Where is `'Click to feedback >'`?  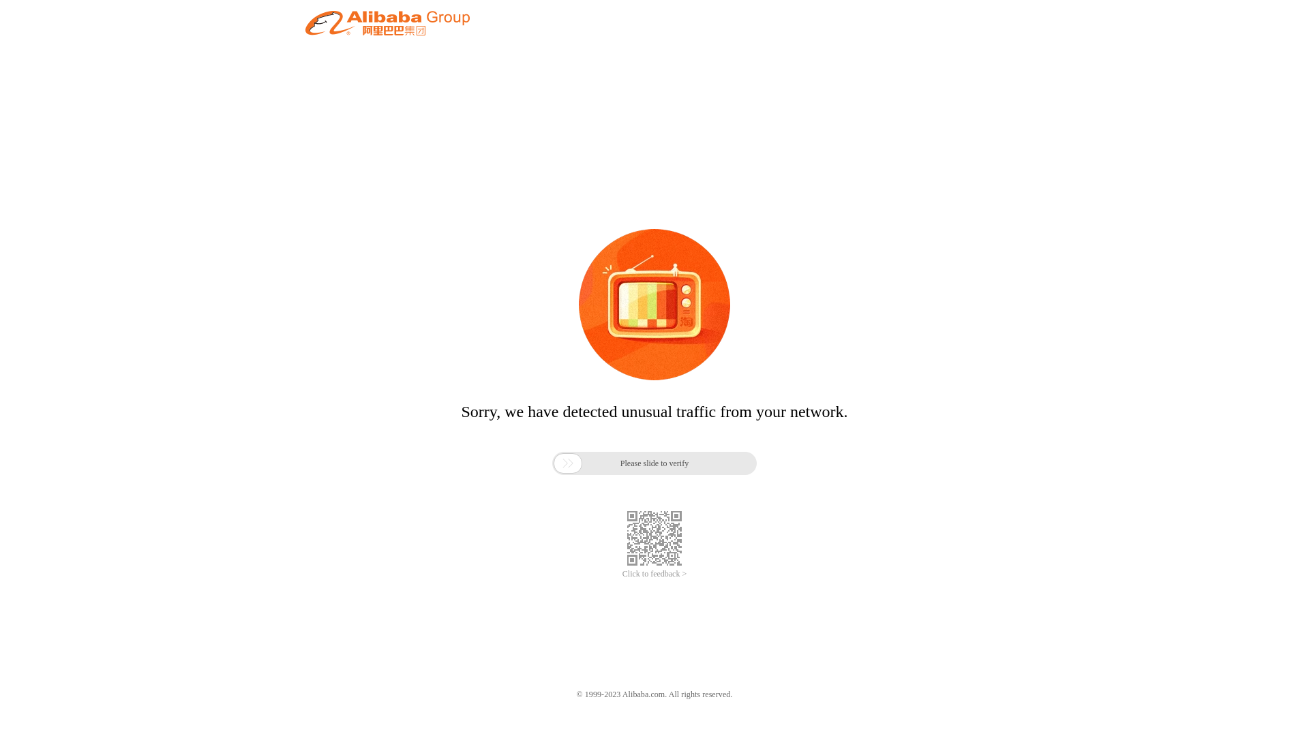 'Click to feedback >' is located at coordinates (654, 574).